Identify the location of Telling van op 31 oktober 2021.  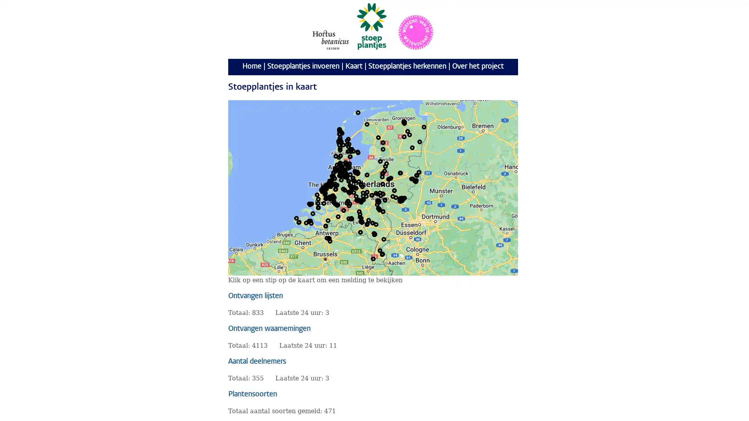
(322, 191).